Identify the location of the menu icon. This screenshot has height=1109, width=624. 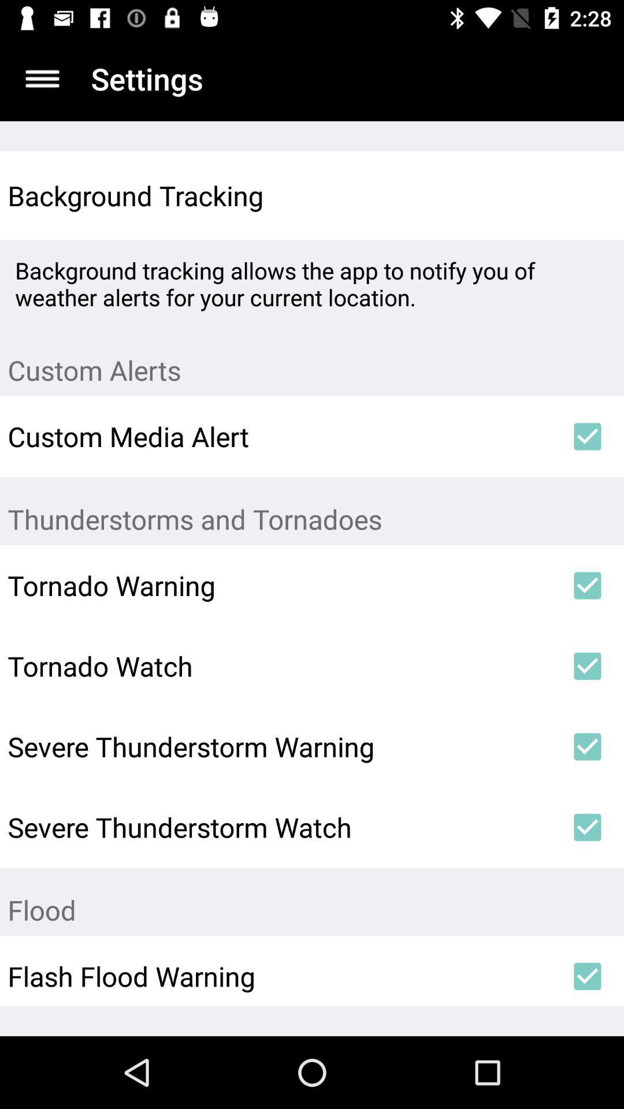
(42, 78).